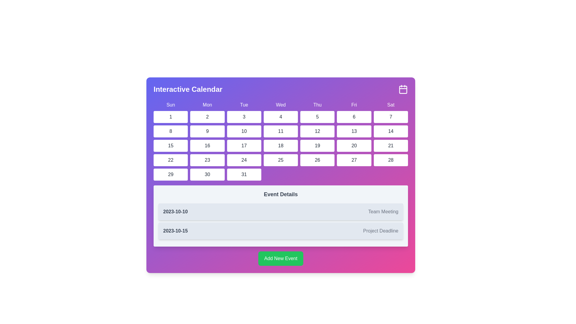 The image size is (576, 324). I want to click on the button representing the 24th day of the month in the calendar interface to visually highlight it, so click(244, 160).